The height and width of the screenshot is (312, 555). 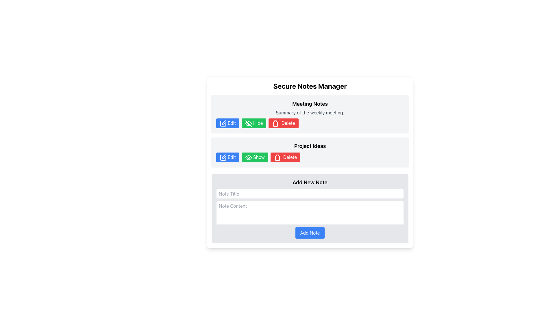 I want to click on the toggle visibility button located in the 'Meeting Notes' section of the 'Secure Notes Manager' application to visualize its hover effect, so click(x=254, y=123).